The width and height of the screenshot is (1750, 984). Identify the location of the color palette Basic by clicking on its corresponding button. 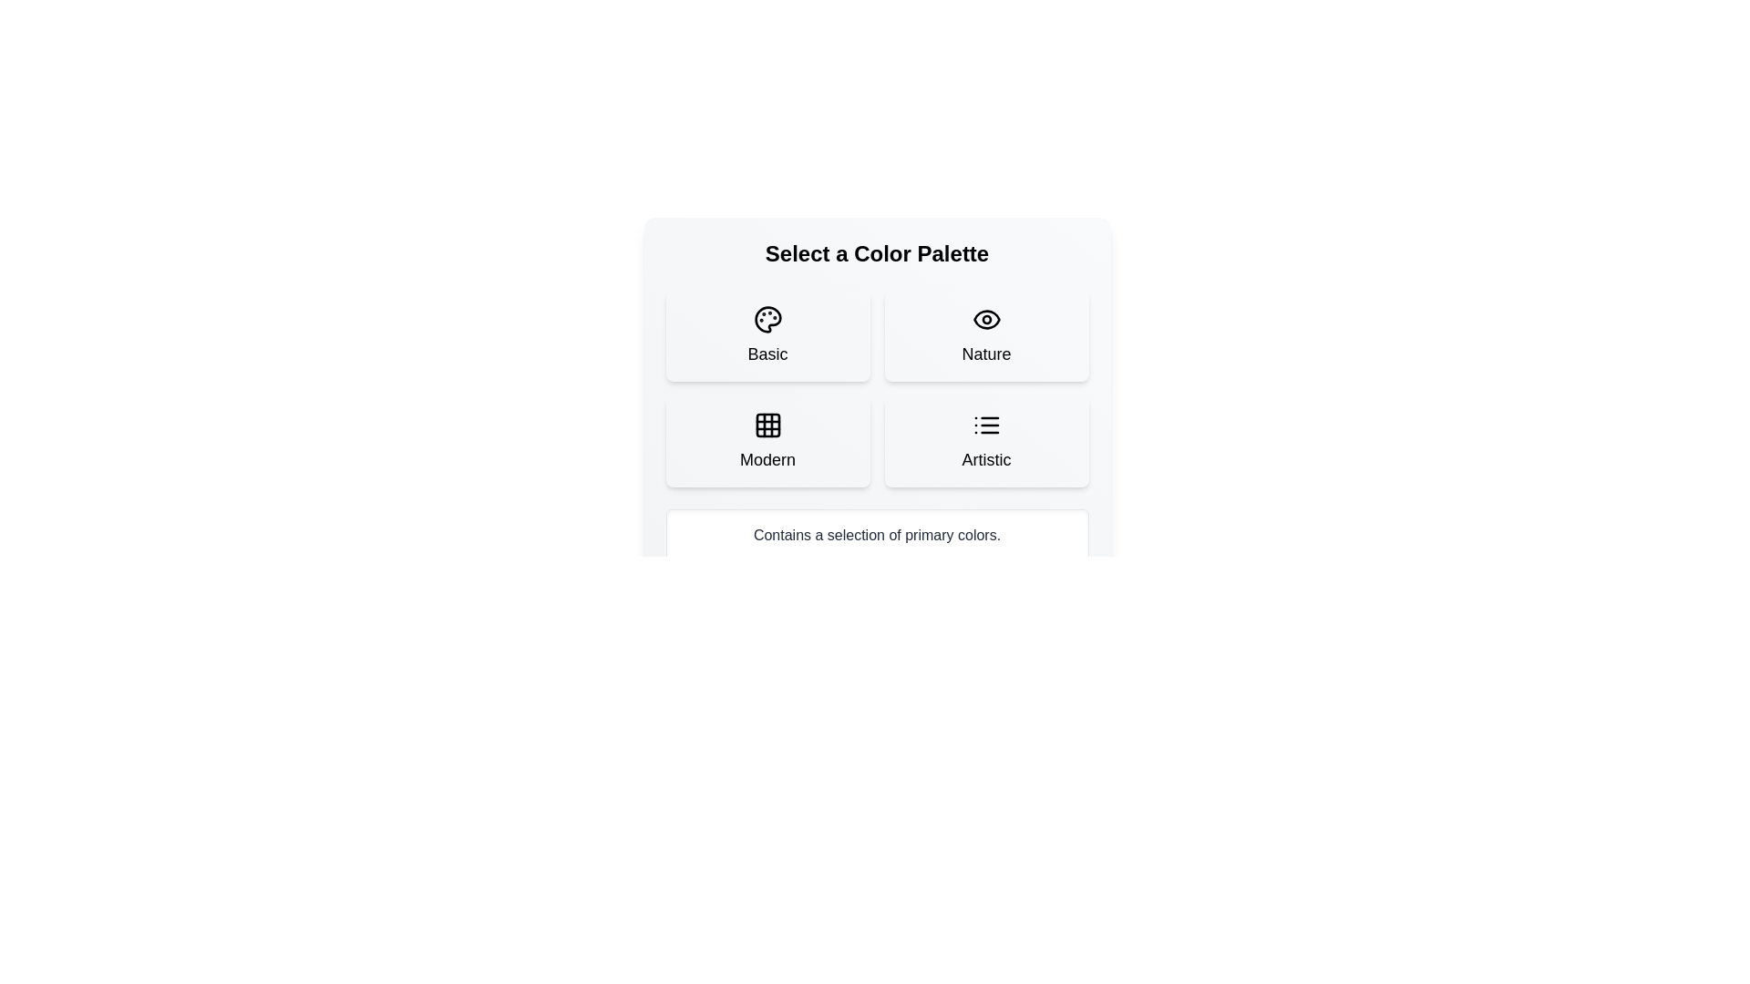
(767, 336).